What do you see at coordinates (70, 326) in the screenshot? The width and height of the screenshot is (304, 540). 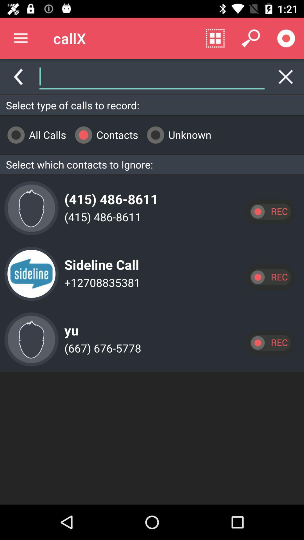 I see `app above (667) 676-5778 icon` at bounding box center [70, 326].